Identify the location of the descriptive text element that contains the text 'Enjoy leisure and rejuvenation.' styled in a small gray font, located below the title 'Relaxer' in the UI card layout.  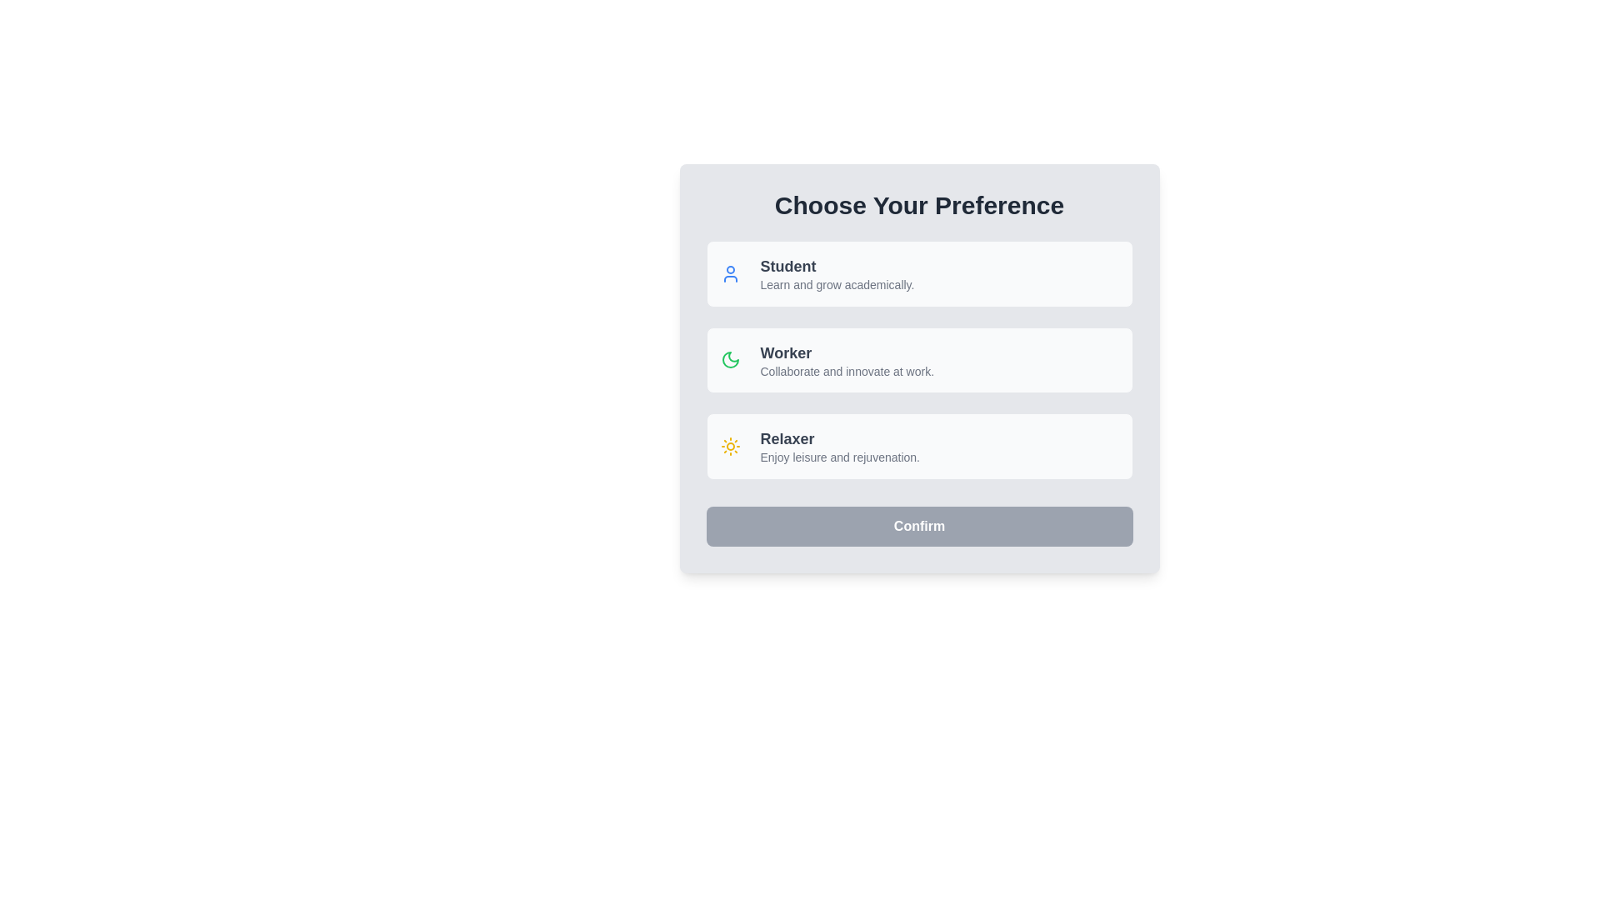
(840, 457).